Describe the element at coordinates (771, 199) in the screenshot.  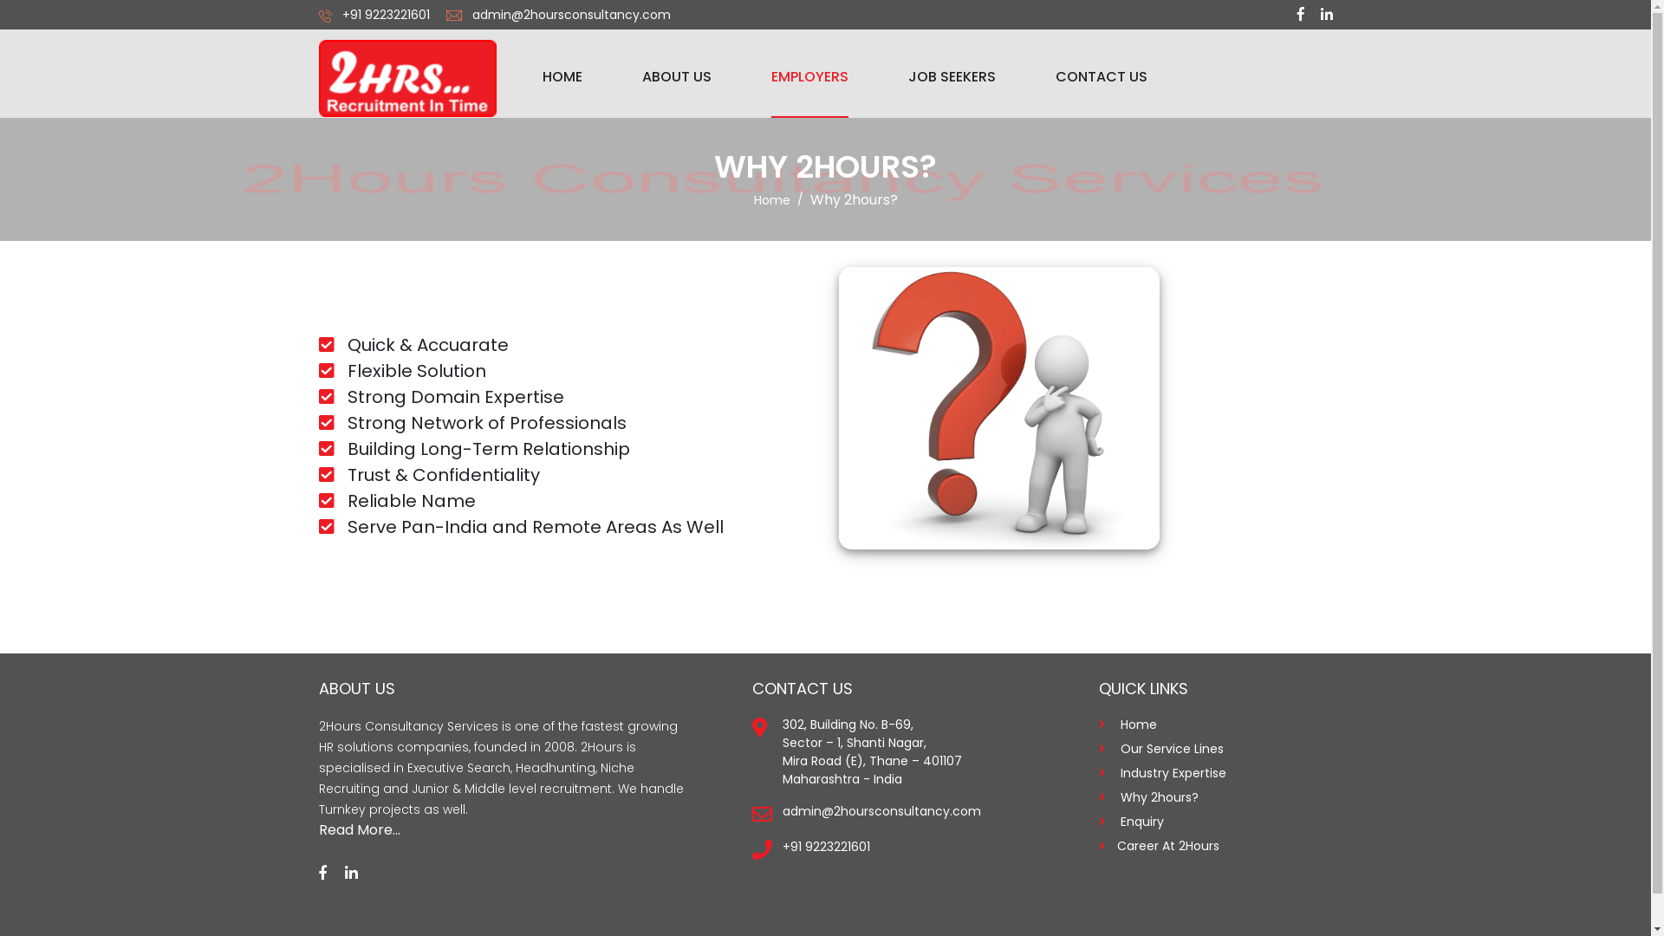
I see `'Home'` at that location.